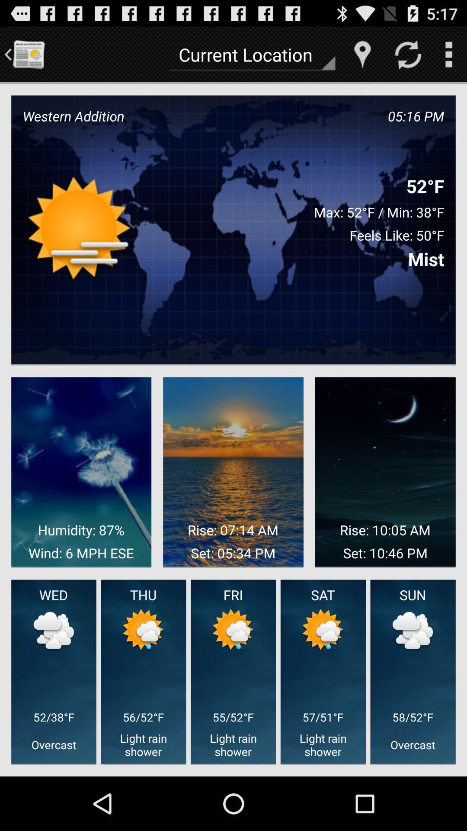 The image size is (467, 831). Describe the element at coordinates (448, 54) in the screenshot. I see `more options` at that location.